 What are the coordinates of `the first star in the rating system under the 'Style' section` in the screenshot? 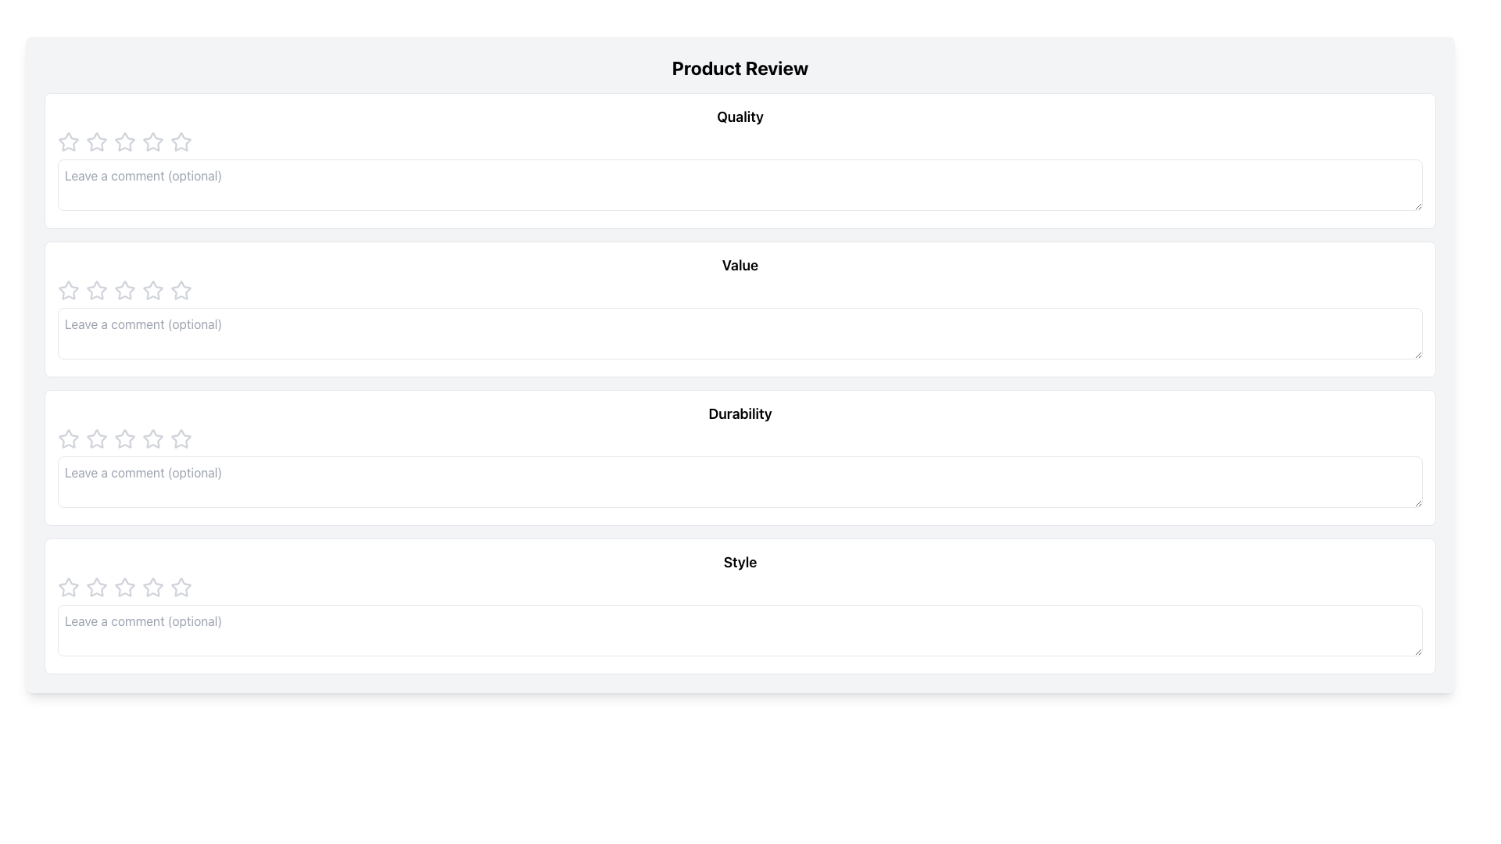 It's located at (181, 587).